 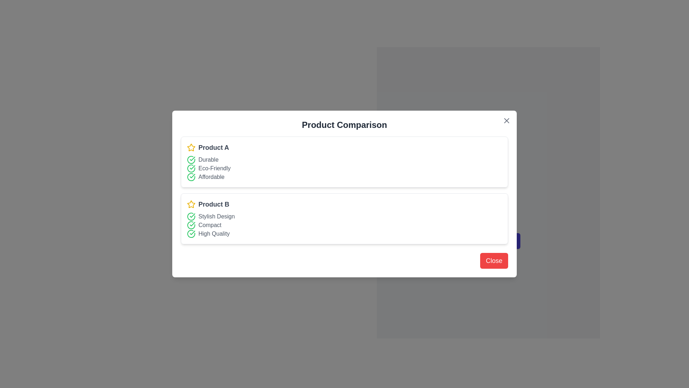 I want to click on the yellow star-shaped icon located to the left of the text label 'Product A' in the upper card of the comparison cards, so click(x=191, y=204).